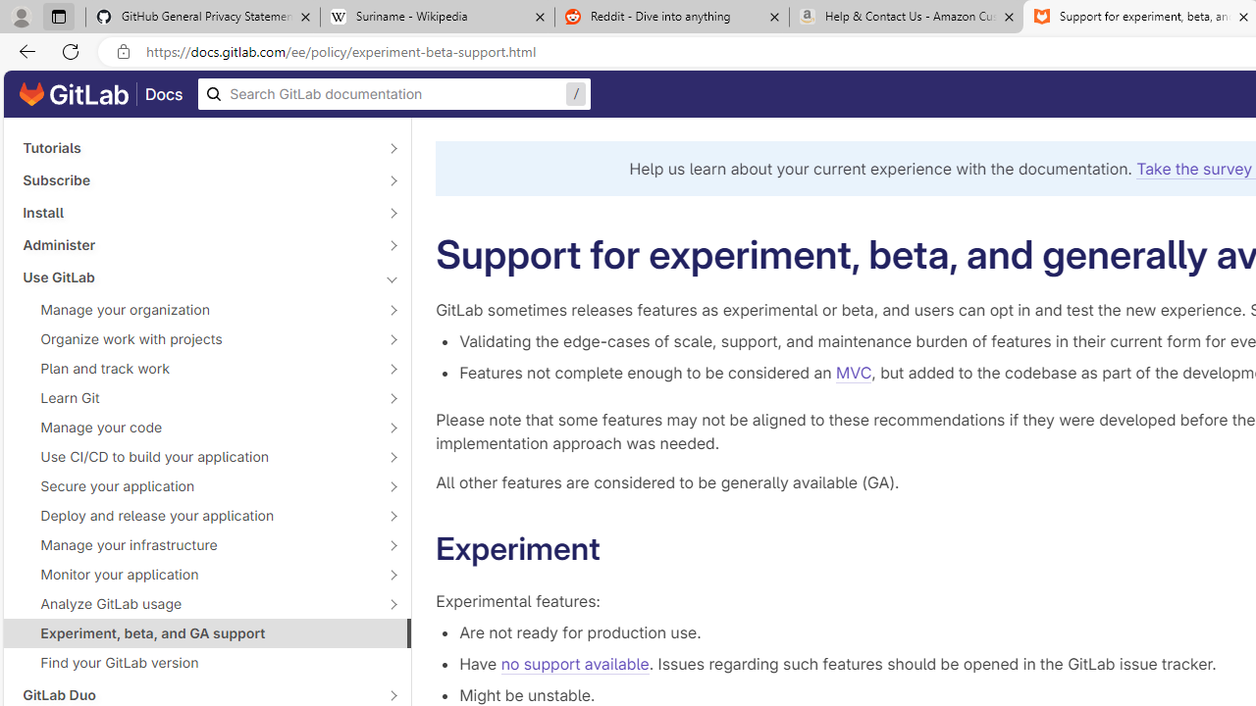  I want to click on 'Organize work with projects', so click(196, 337).